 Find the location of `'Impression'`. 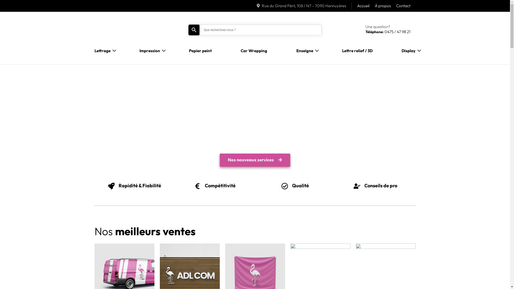

'Impression' is located at coordinates (150, 51).